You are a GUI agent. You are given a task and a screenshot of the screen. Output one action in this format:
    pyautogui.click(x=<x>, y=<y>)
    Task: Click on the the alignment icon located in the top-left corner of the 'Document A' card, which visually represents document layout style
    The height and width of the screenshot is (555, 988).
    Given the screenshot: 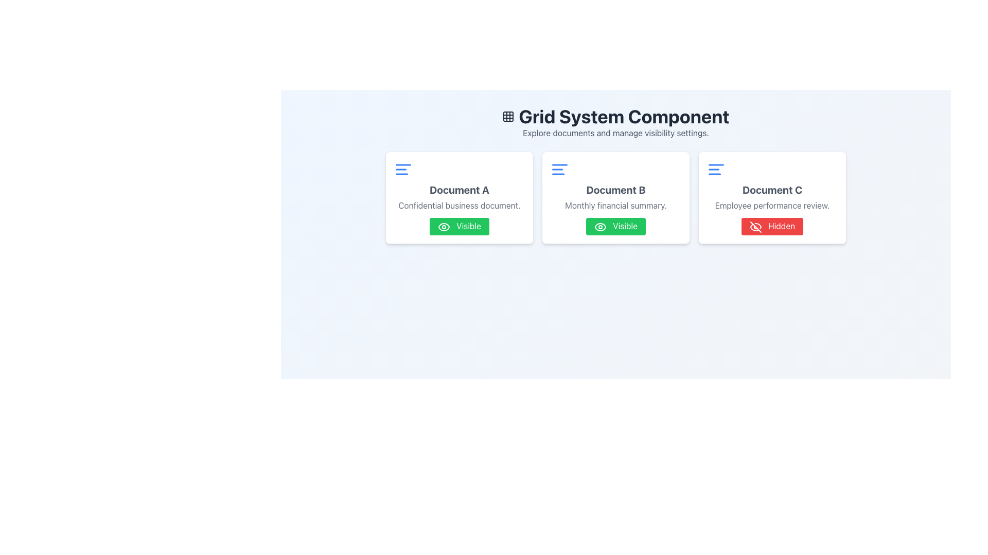 What is the action you would take?
    pyautogui.click(x=402, y=169)
    